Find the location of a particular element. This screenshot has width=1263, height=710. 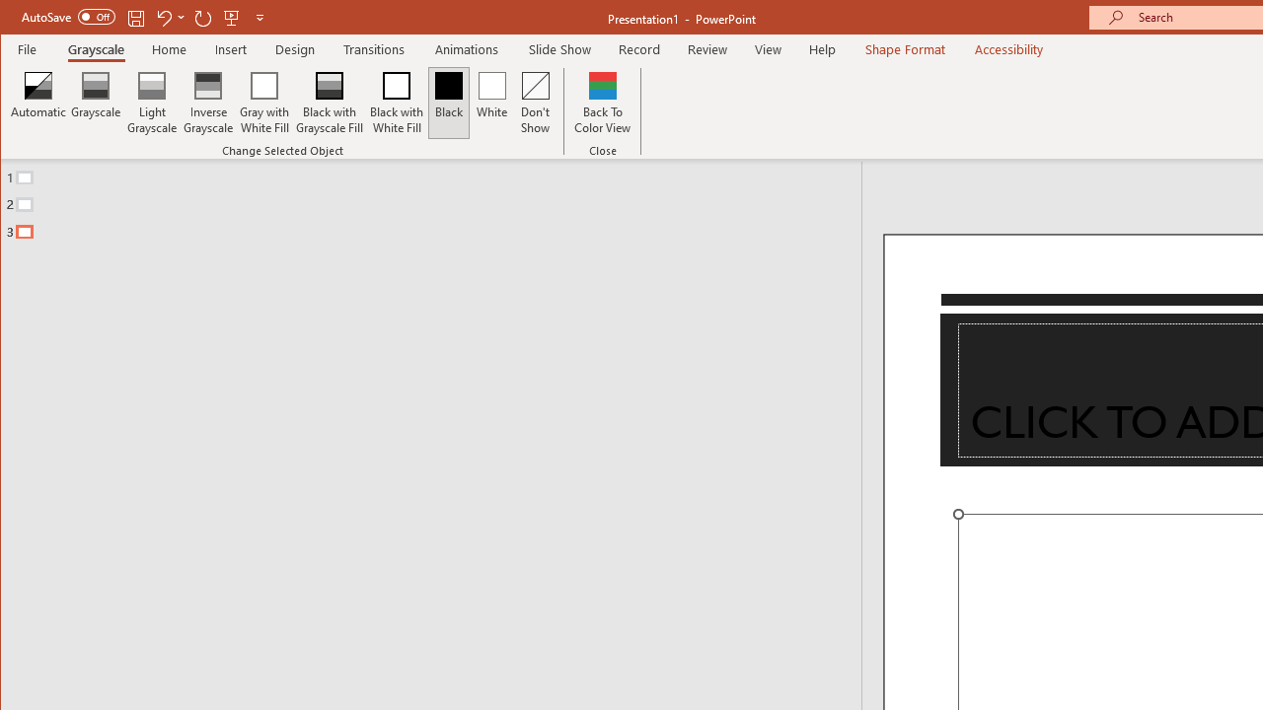

'Home' is located at coordinates (169, 48).